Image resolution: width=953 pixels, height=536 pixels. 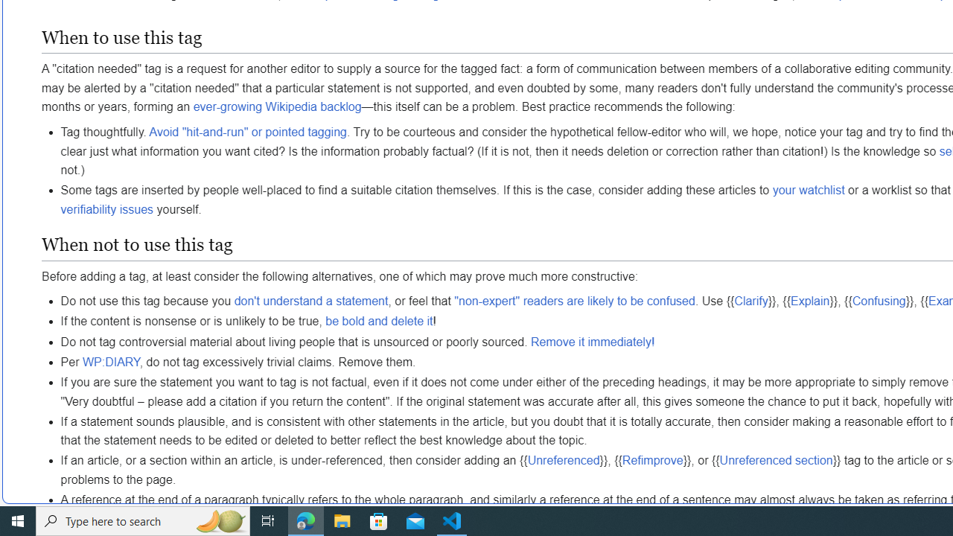 What do you see at coordinates (652, 459) in the screenshot?
I see `'Refimprove'` at bounding box center [652, 459].